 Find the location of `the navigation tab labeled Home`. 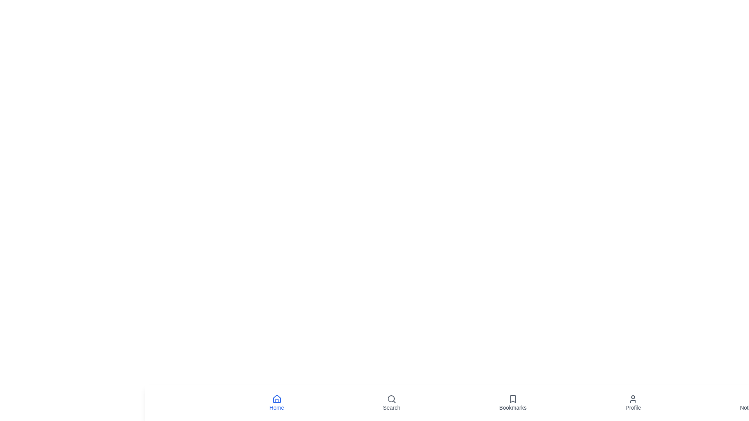

the navigation tab labeled Home is located at coordinates (277, 403).